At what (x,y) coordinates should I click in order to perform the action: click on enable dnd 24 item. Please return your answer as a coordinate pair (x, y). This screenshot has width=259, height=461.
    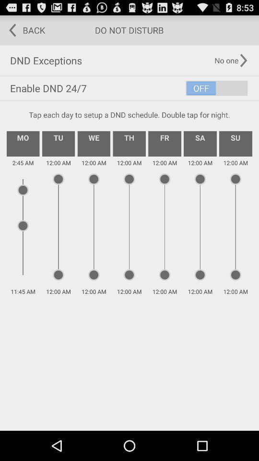
    Looking at the image, I should click on (129, 88).